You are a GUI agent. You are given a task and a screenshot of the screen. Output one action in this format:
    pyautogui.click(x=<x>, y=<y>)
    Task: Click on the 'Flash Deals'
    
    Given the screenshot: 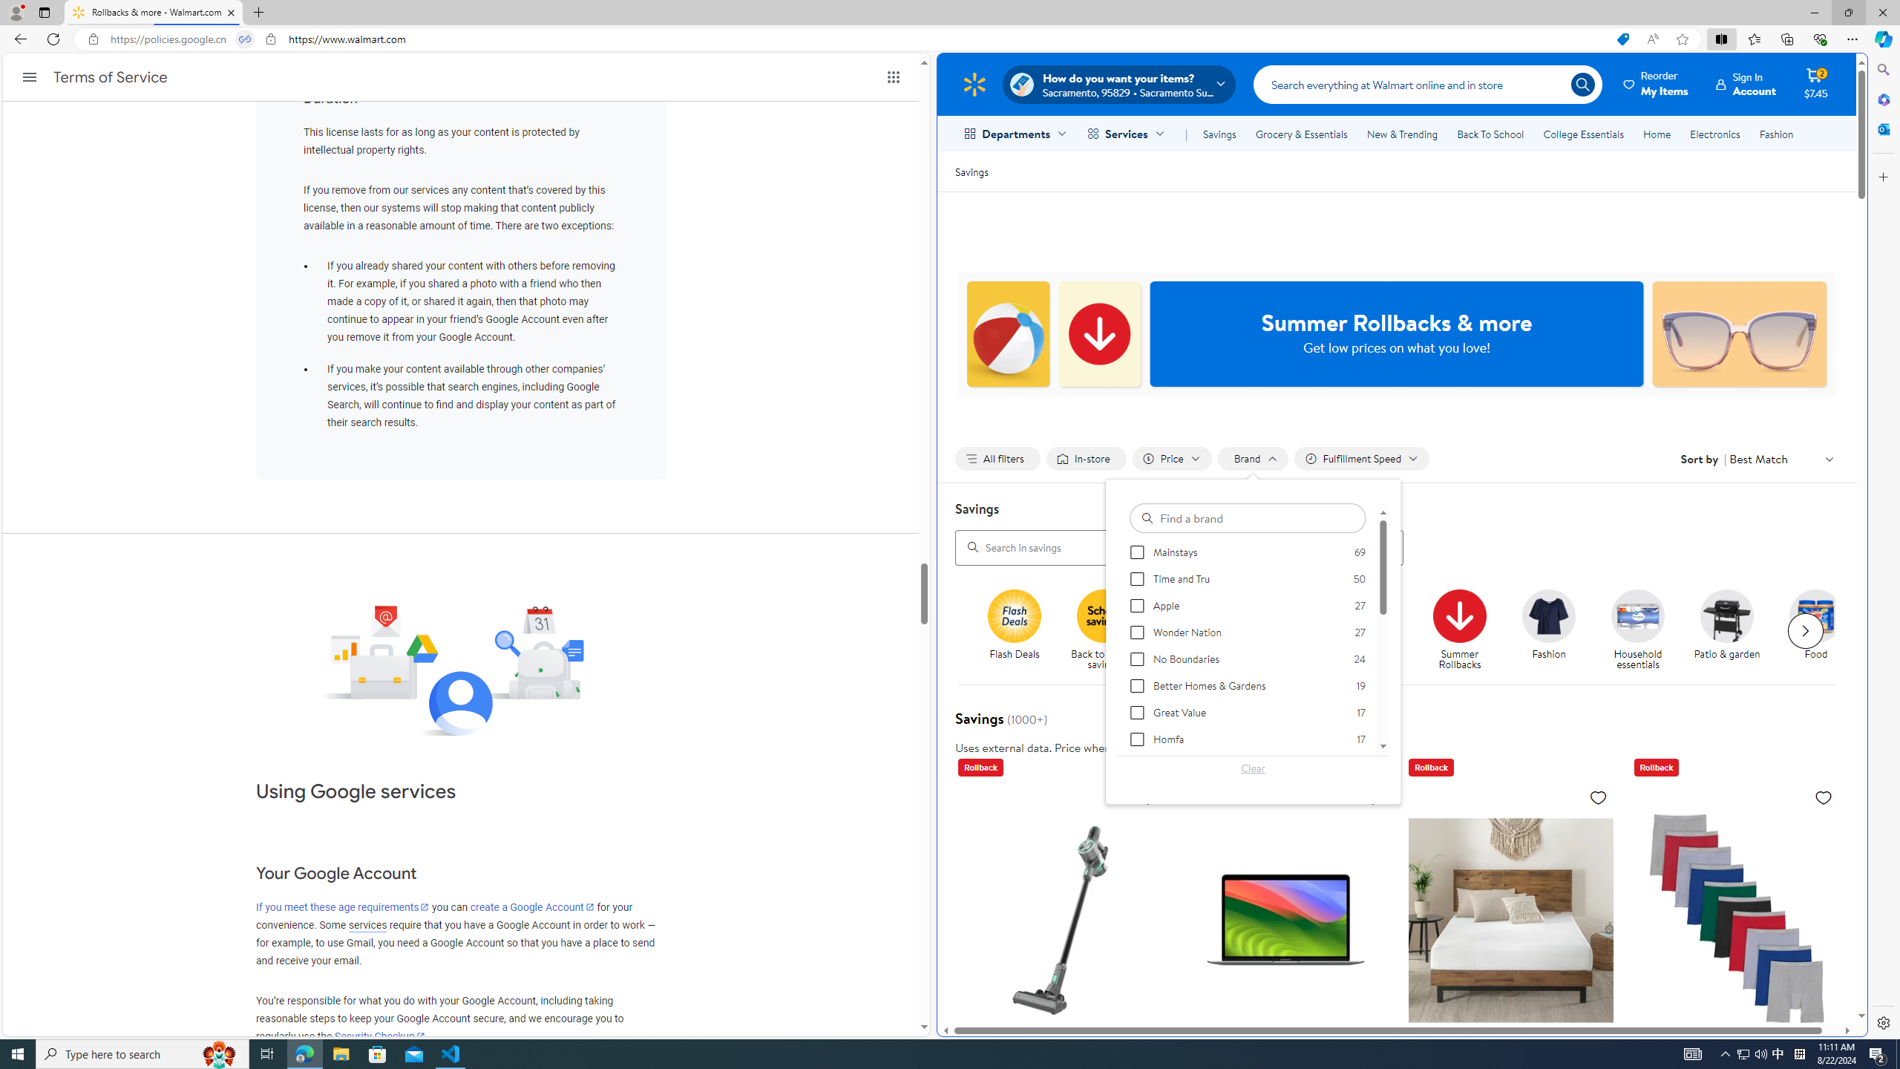 What is the action you would take?
    pyautogui.click(x=1021, y=630)
    